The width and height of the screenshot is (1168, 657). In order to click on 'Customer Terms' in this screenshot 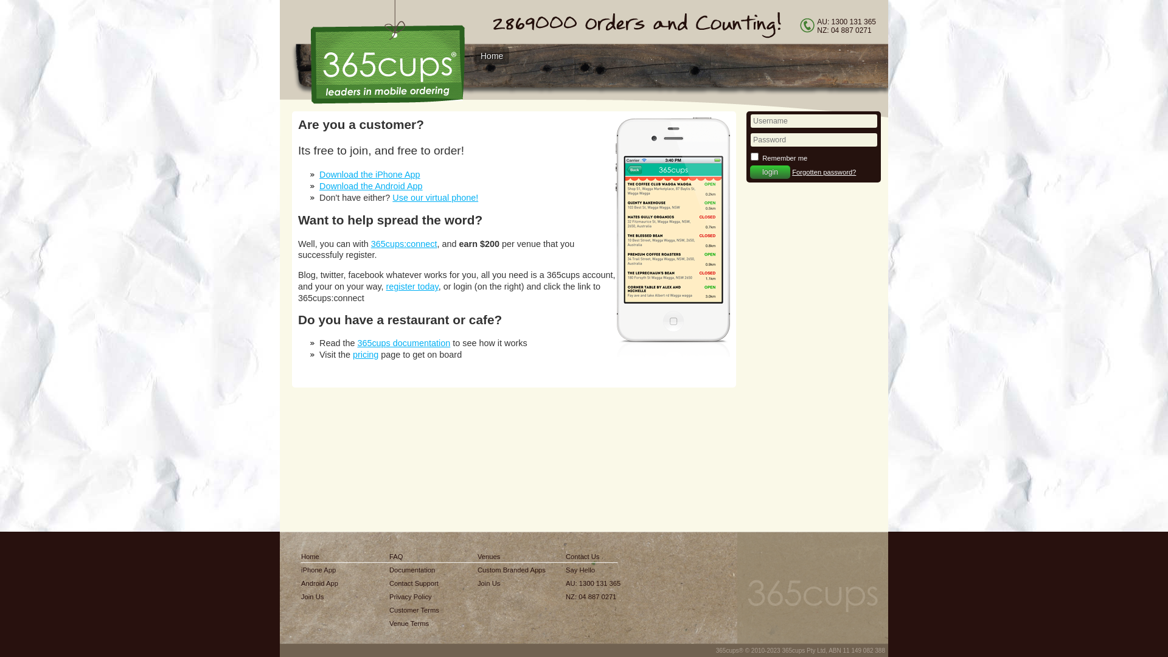, I will do `click(414, 610)`.